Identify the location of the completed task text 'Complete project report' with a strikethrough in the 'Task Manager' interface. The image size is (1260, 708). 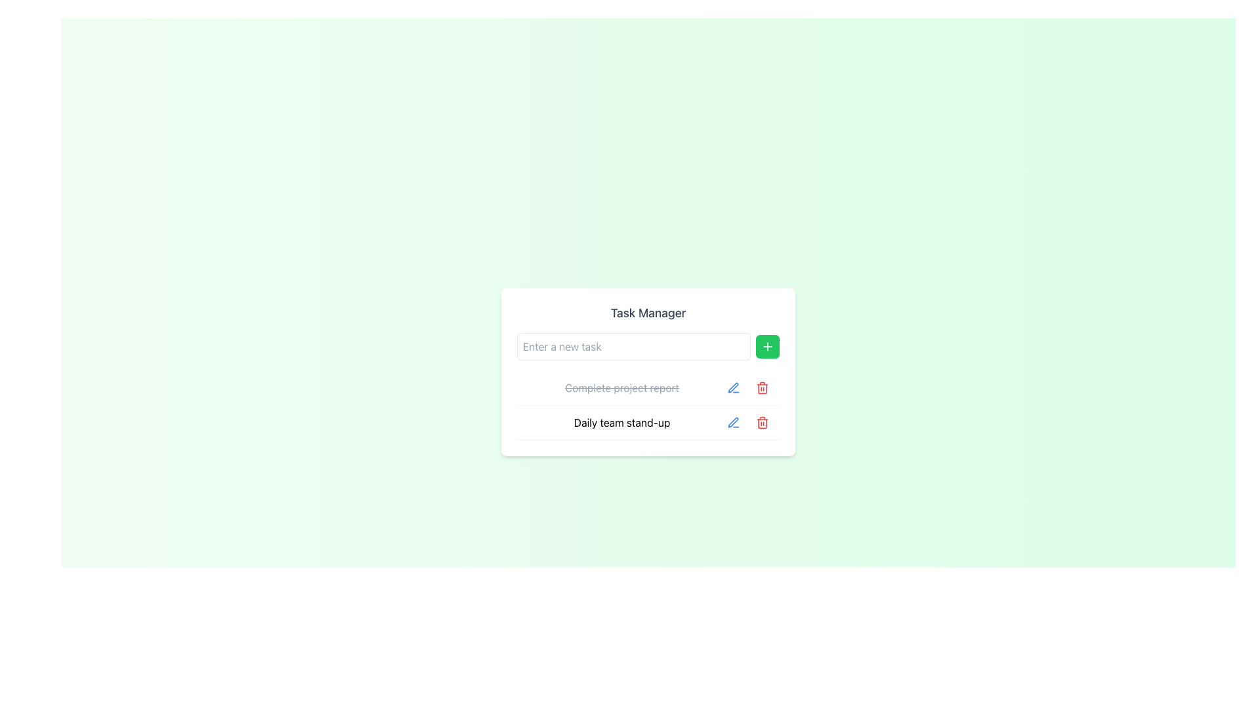
(621, 387).